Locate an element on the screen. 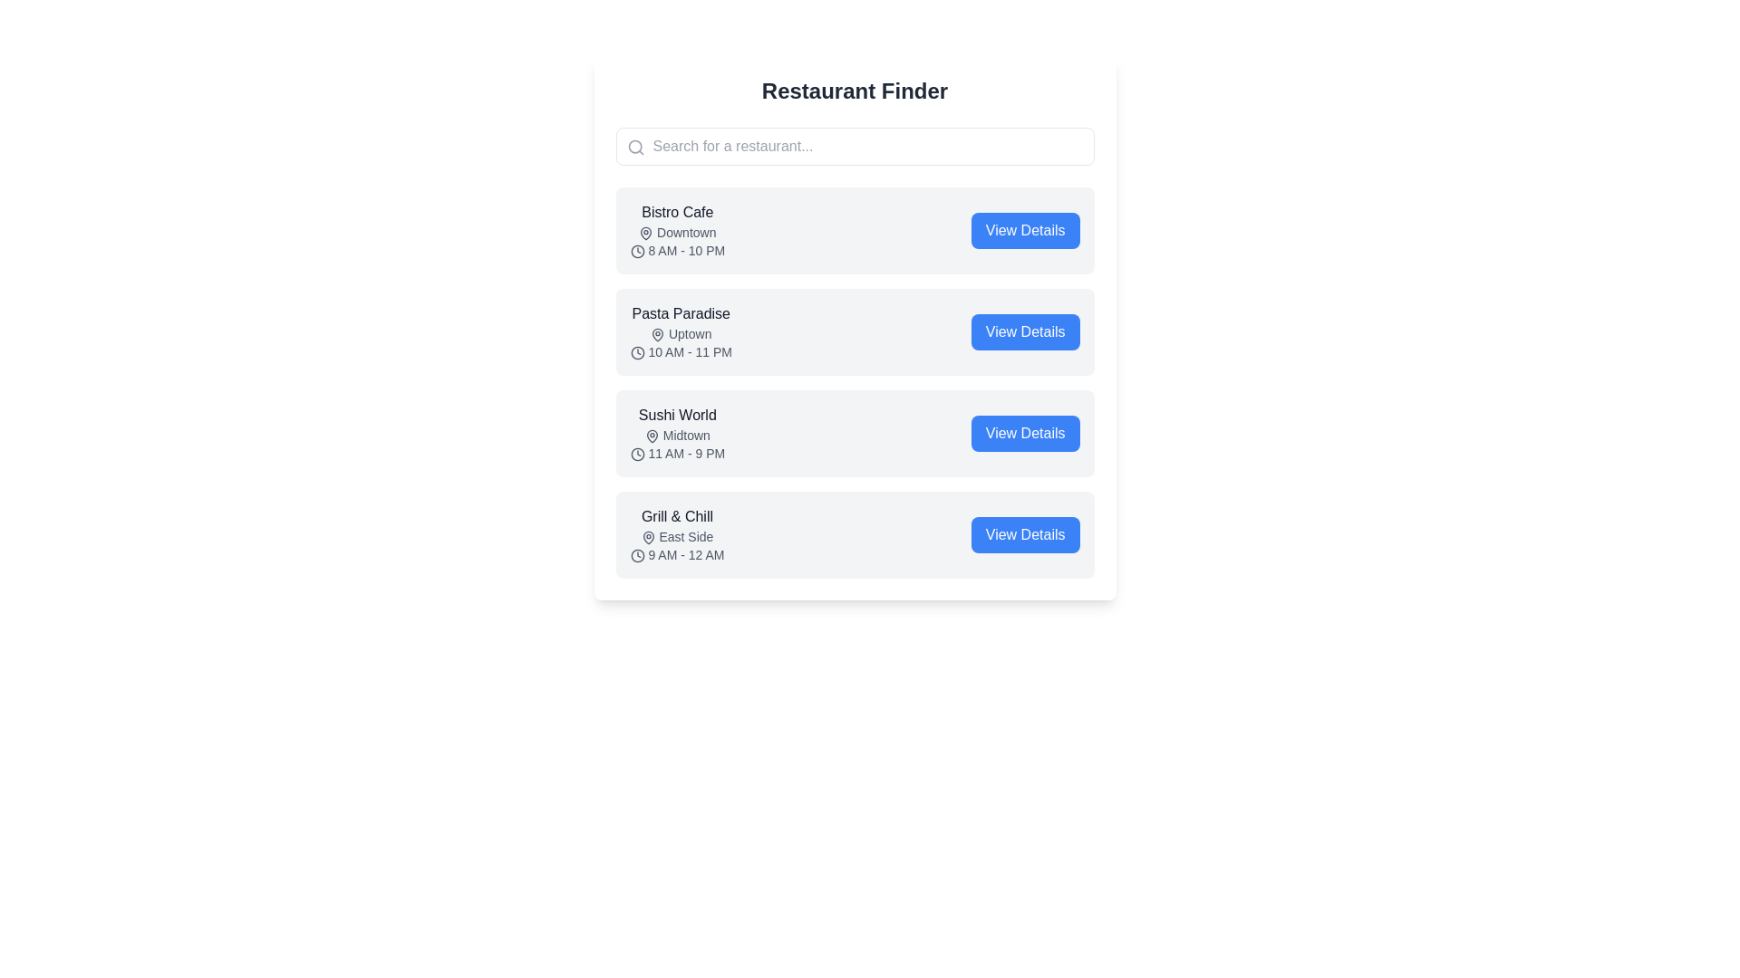  the geographical location icon associated with the 'Downtown' entry, which is positioned to the left of the text 'Downtown' and directly under 'Bistro Cafe' in the restaurant list is located at coordinates (646, 233).